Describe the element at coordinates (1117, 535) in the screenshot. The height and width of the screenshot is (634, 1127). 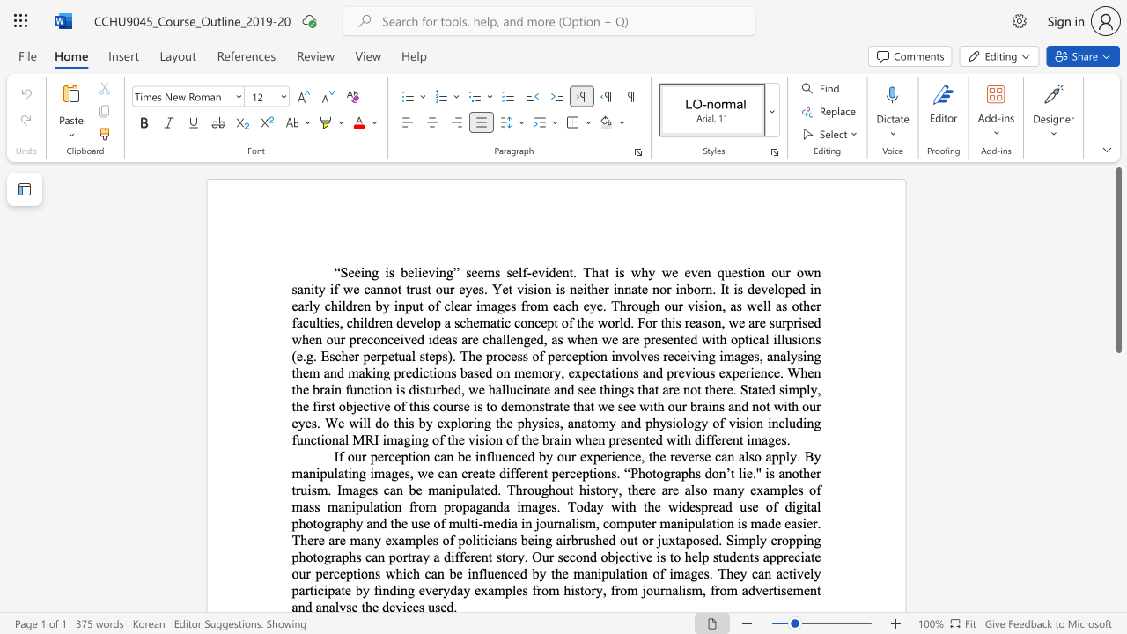
I see `the scrollbar on the side` at that location.